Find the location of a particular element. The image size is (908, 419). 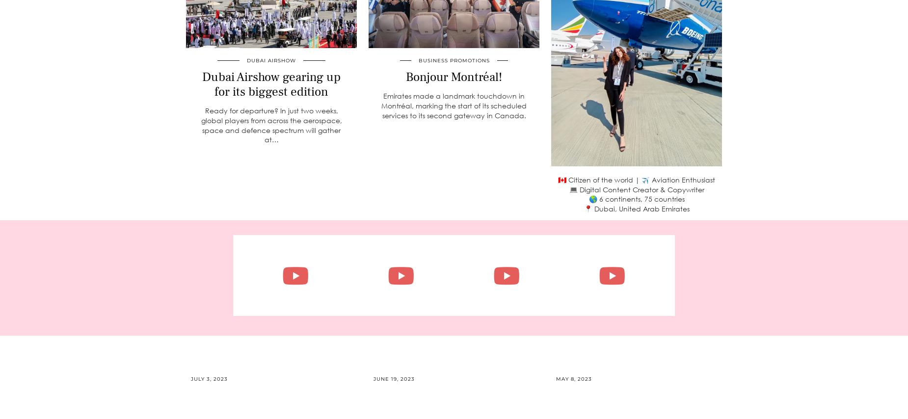

'May 8, 2023' is located at coordinates (555, 378).